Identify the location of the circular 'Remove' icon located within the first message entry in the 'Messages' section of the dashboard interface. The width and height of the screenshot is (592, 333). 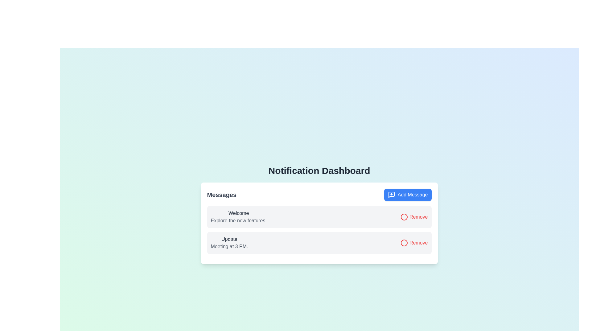
(404, 217).